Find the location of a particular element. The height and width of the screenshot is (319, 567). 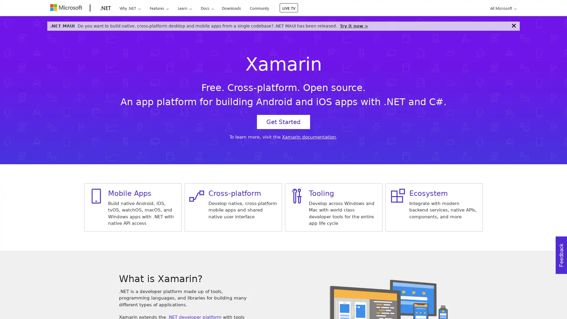

Why .NET is located at coordinates (130, 8).